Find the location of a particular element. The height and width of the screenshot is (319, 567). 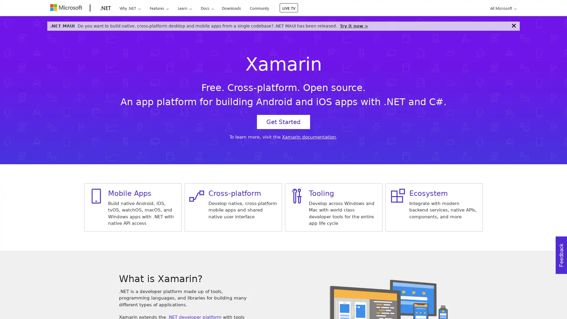

Why .NET is located at coordinates (130, 8).